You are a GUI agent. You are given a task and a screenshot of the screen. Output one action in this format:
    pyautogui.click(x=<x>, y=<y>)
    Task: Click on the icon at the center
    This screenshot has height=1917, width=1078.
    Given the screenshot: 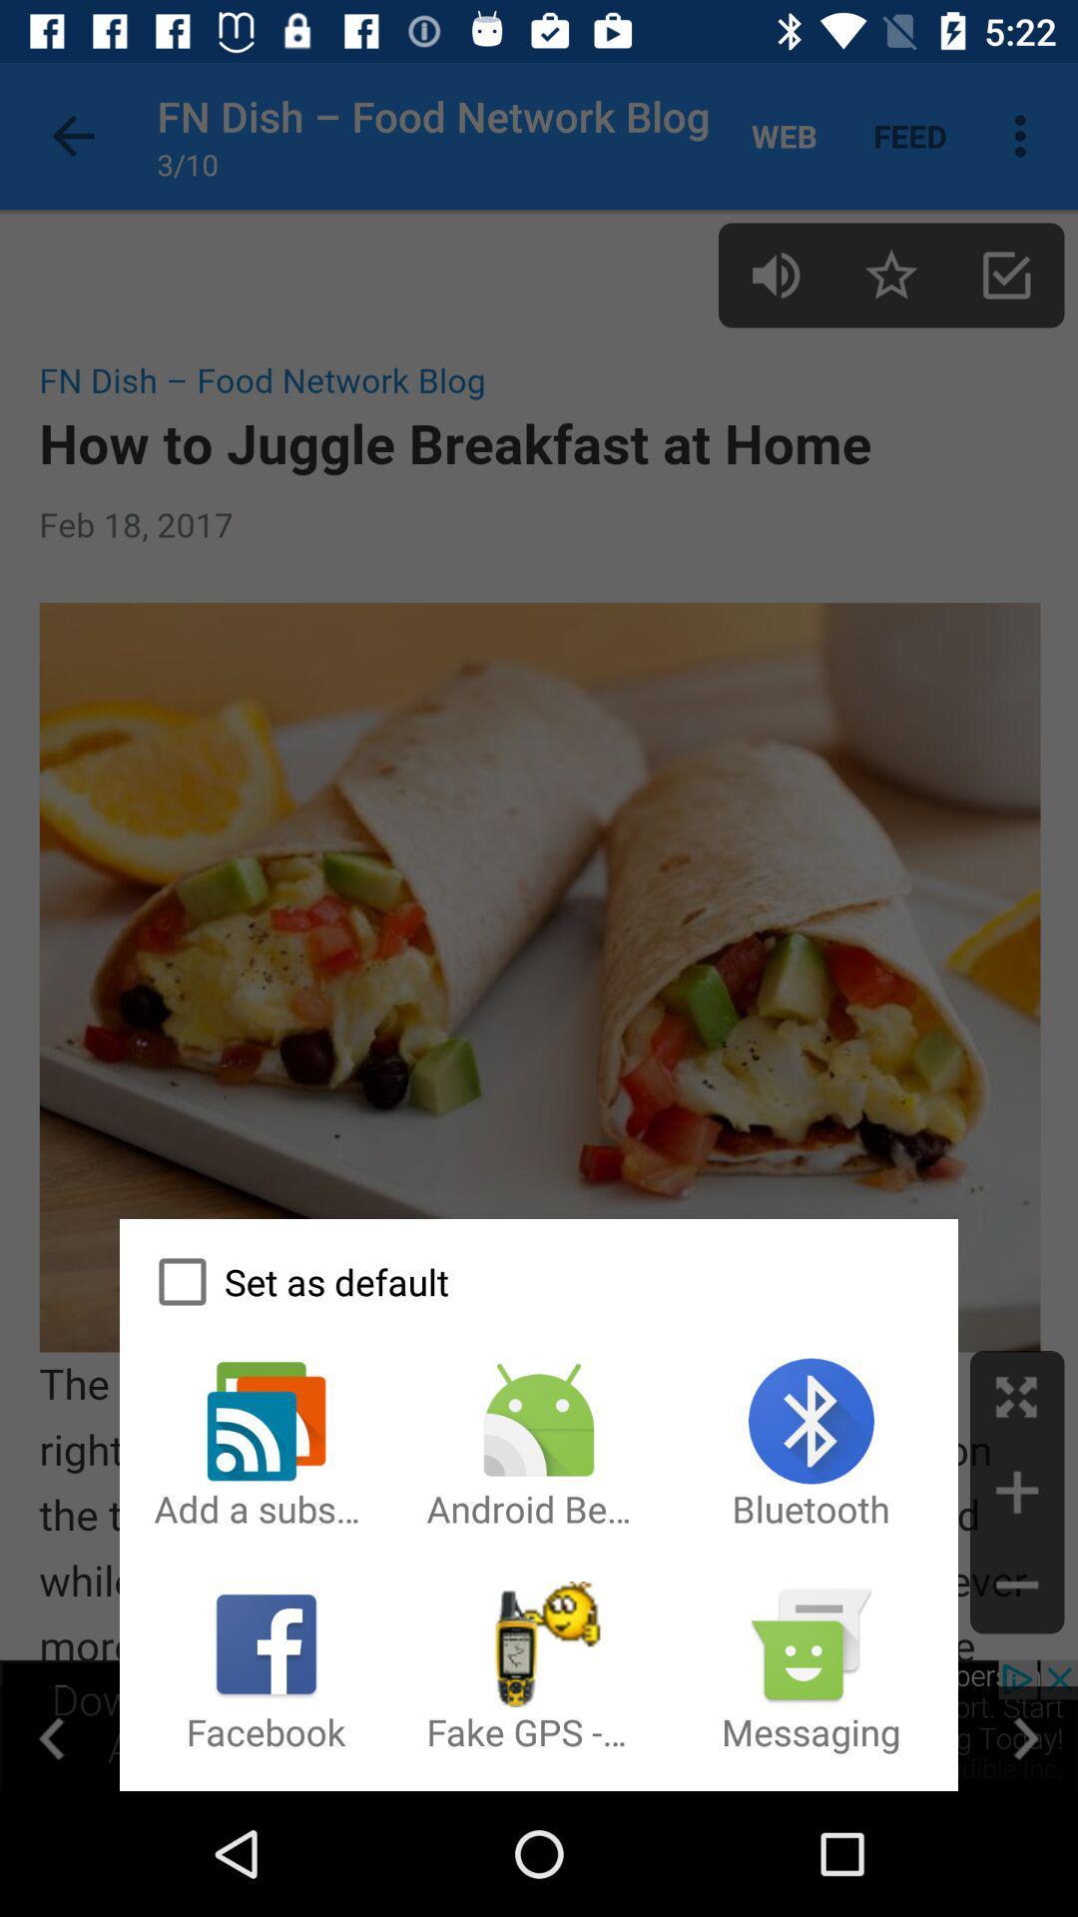 What is the action you would take?
    pyautogui.click(x=539, y=926)
    